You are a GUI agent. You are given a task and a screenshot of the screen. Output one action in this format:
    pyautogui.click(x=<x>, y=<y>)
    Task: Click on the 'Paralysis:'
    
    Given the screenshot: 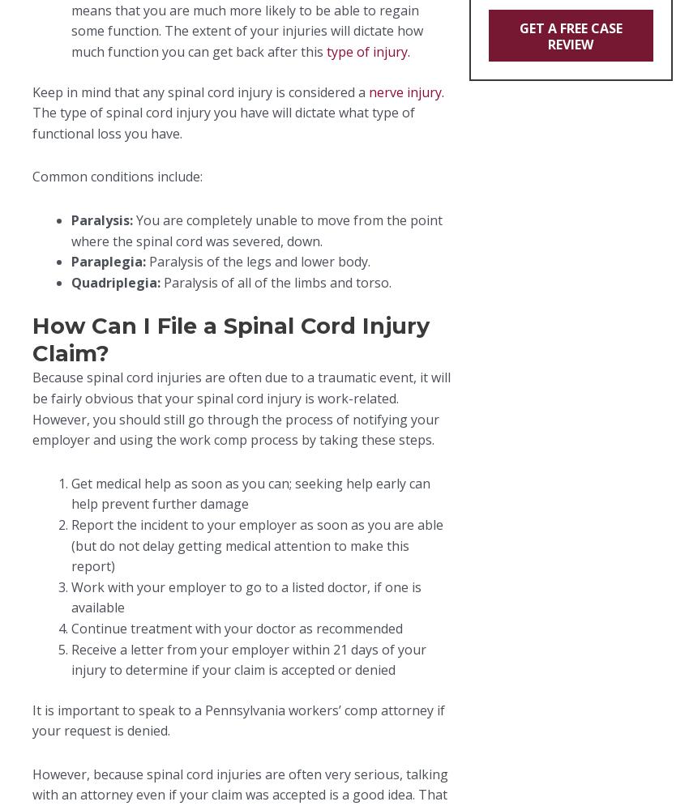 What is the action you would take?
    pyautogui.click(x=101, y=220)
    